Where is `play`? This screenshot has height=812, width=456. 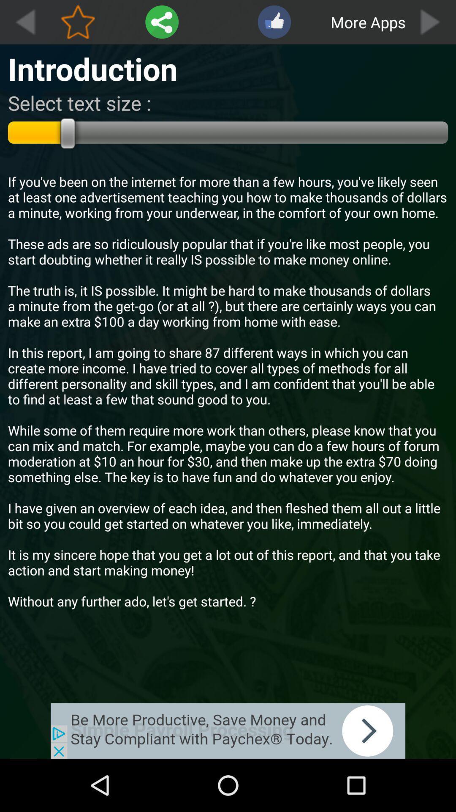 play is located at coordinates (431, 22).